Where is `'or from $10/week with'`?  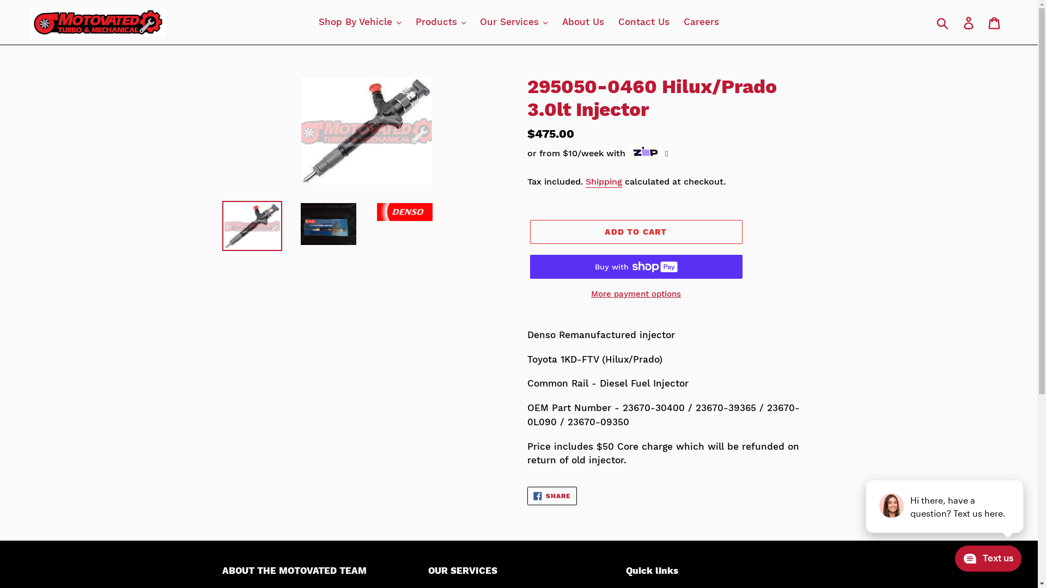
'or from $10/week with' is located at coordinates (597, 154).